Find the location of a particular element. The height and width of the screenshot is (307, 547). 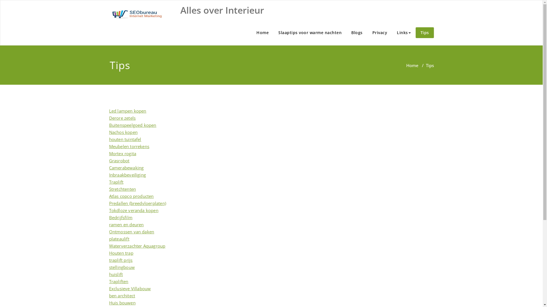

'huislift' is located at coordinates (115, 274).